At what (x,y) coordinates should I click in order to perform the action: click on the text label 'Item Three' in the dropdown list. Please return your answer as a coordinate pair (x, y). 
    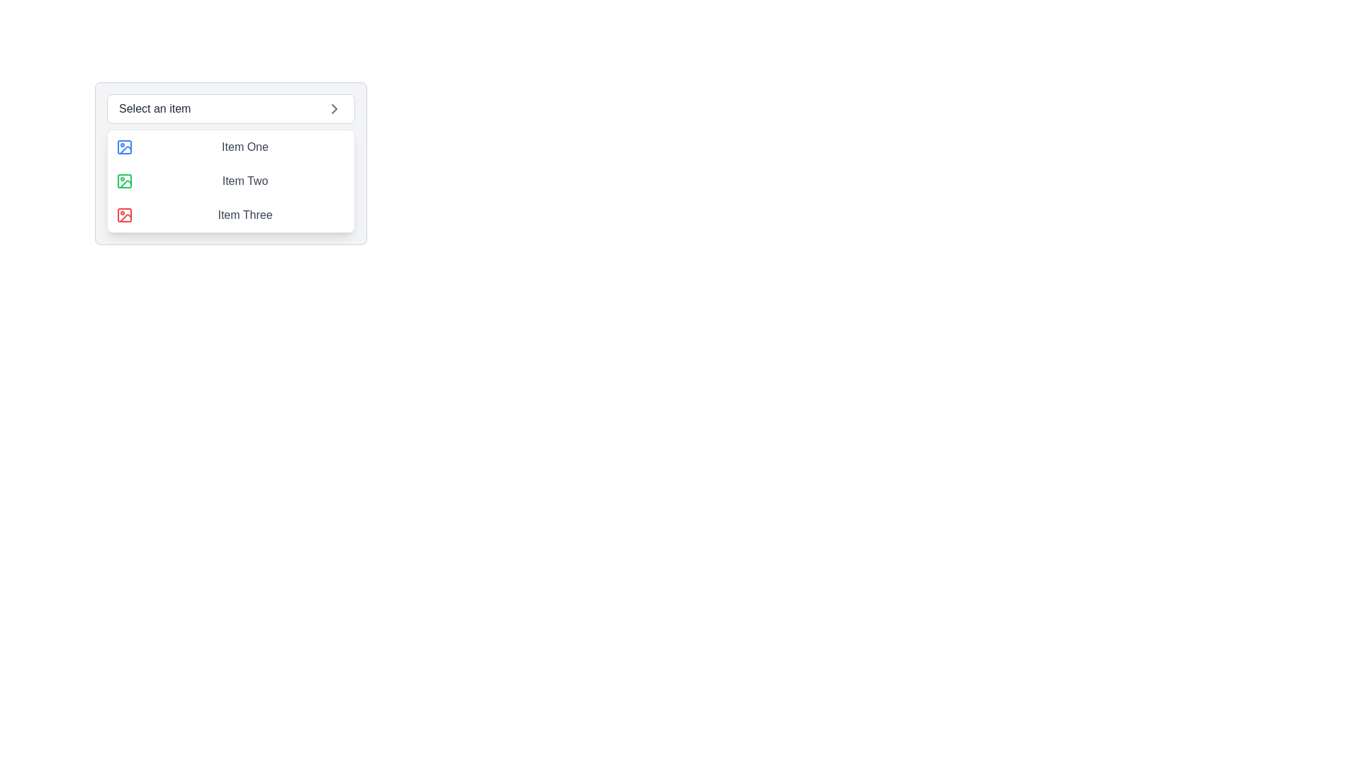
    Looking at the image, I should click on (245, 215).